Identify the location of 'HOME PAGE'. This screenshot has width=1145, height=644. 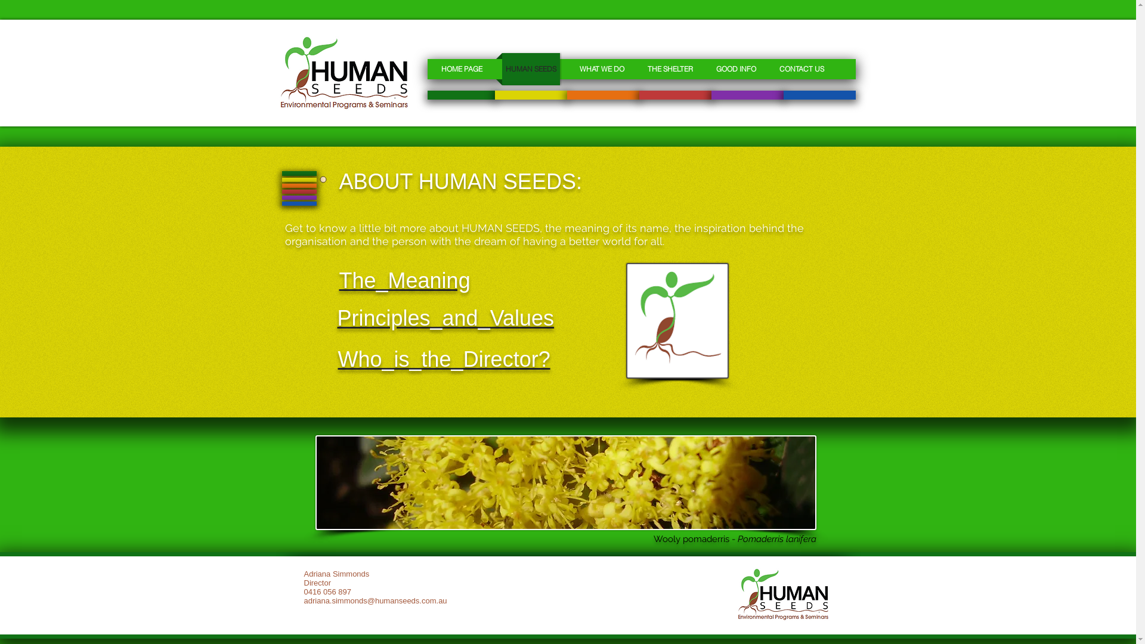
(461, 69).